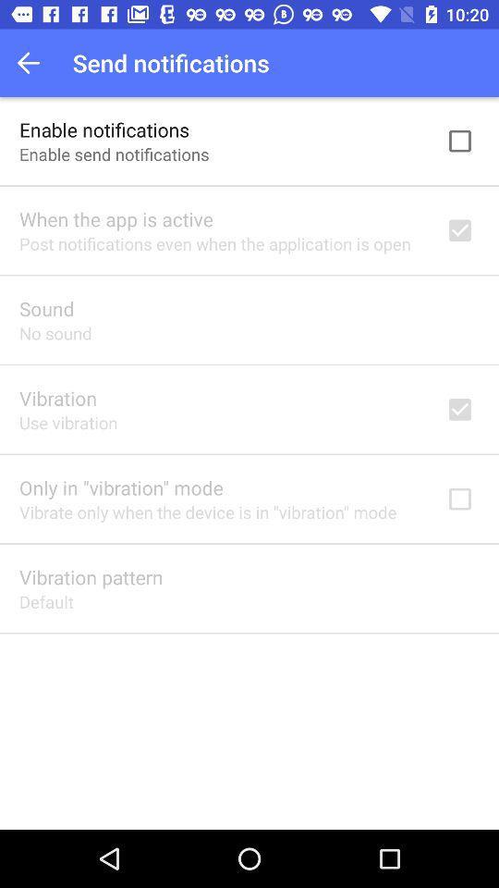  I want to click on the item below vibration pattern icon, so click(46, 600).